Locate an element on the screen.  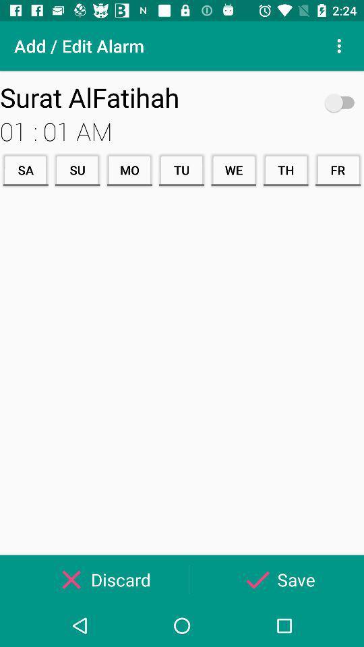
icon below 01 : 01 am item is located at coordinates (26, 169).